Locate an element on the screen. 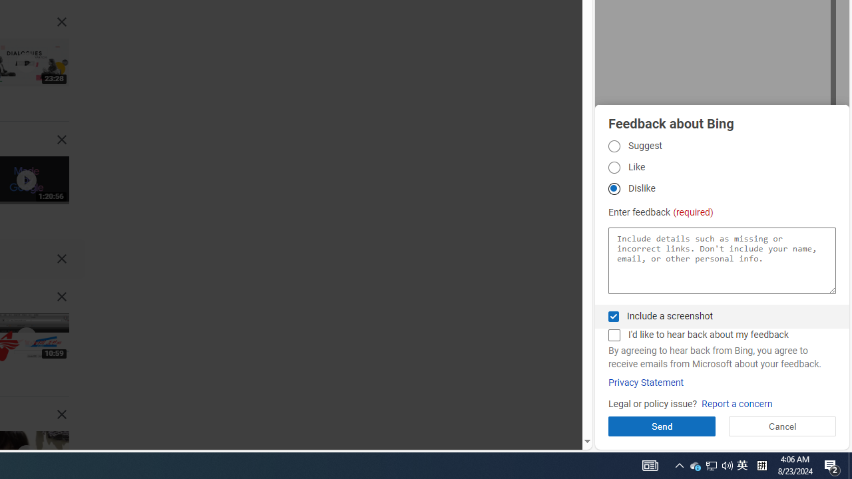 This screenshot has width=852, height=479. 'Dislike Dislike' is located at coordinates (613, 189).